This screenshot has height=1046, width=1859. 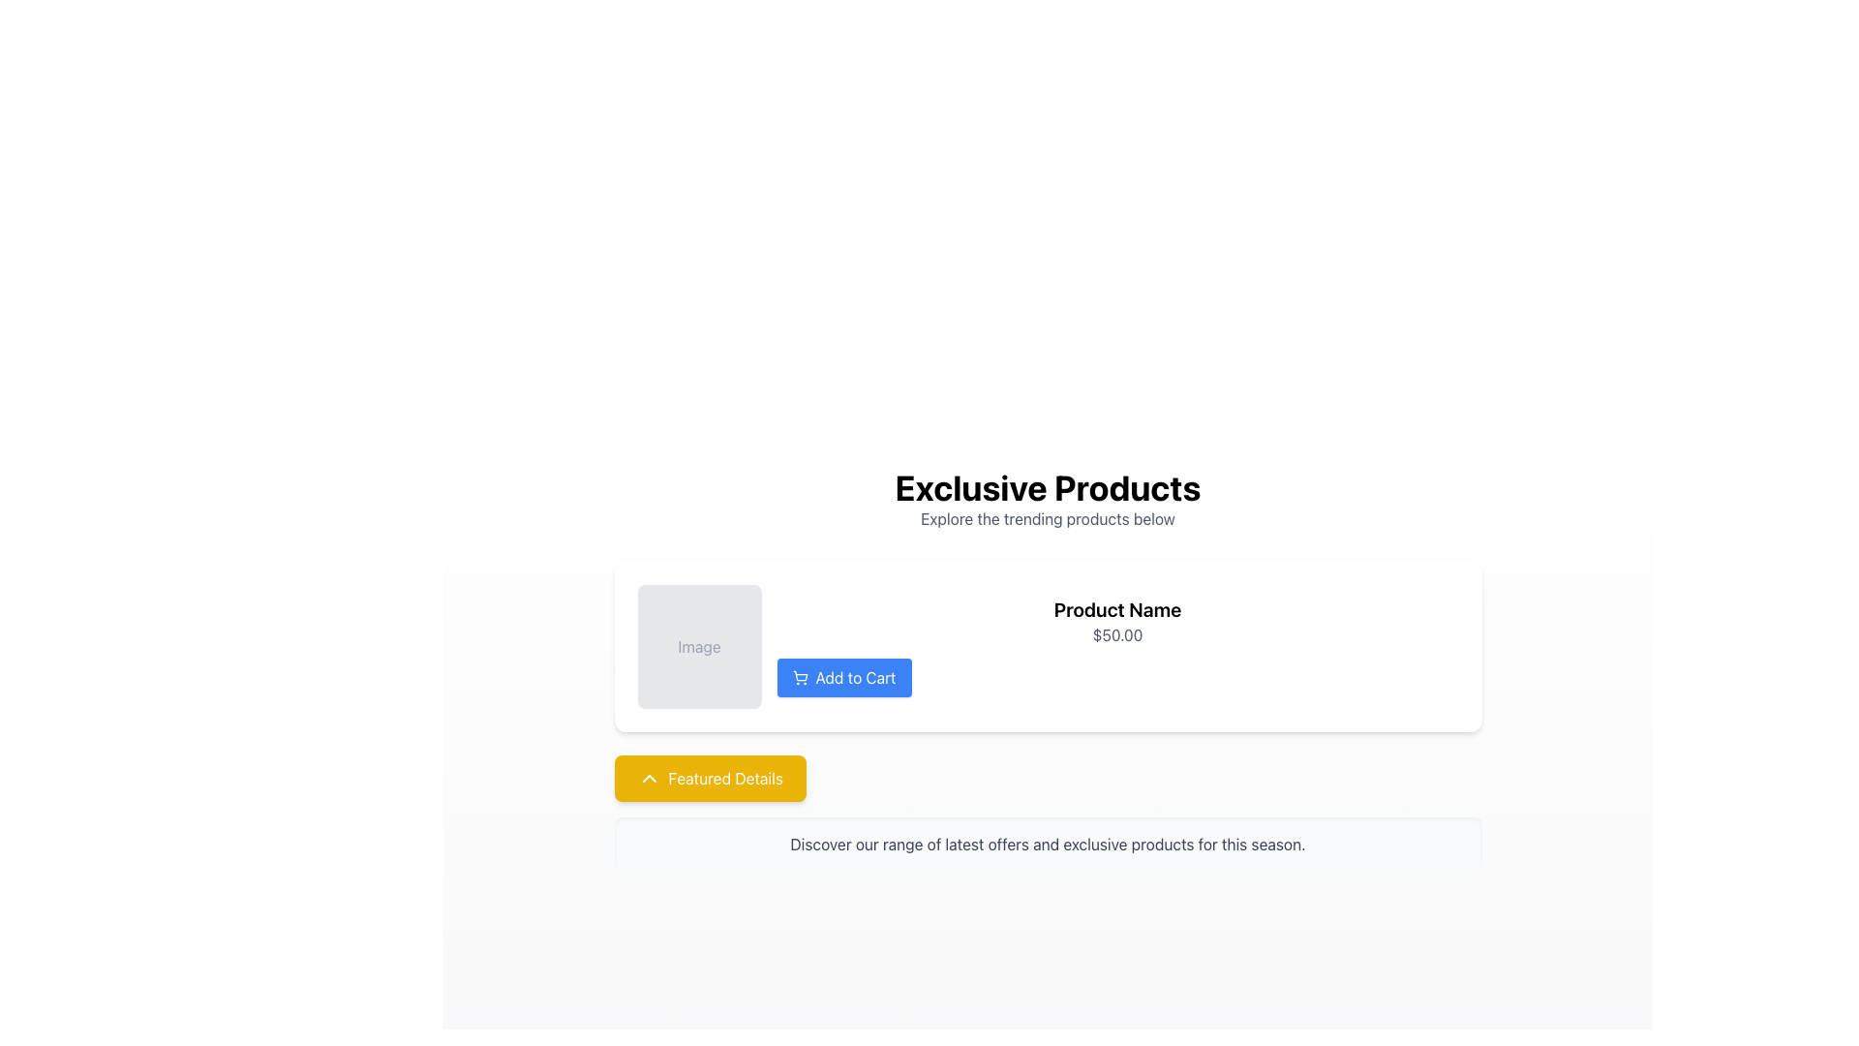 I want to click on the text label of the 'Add to Cart' button, which is positioned to the right of the button's icon and serves to indicate the button's purpose, so click(x=854, y=676).